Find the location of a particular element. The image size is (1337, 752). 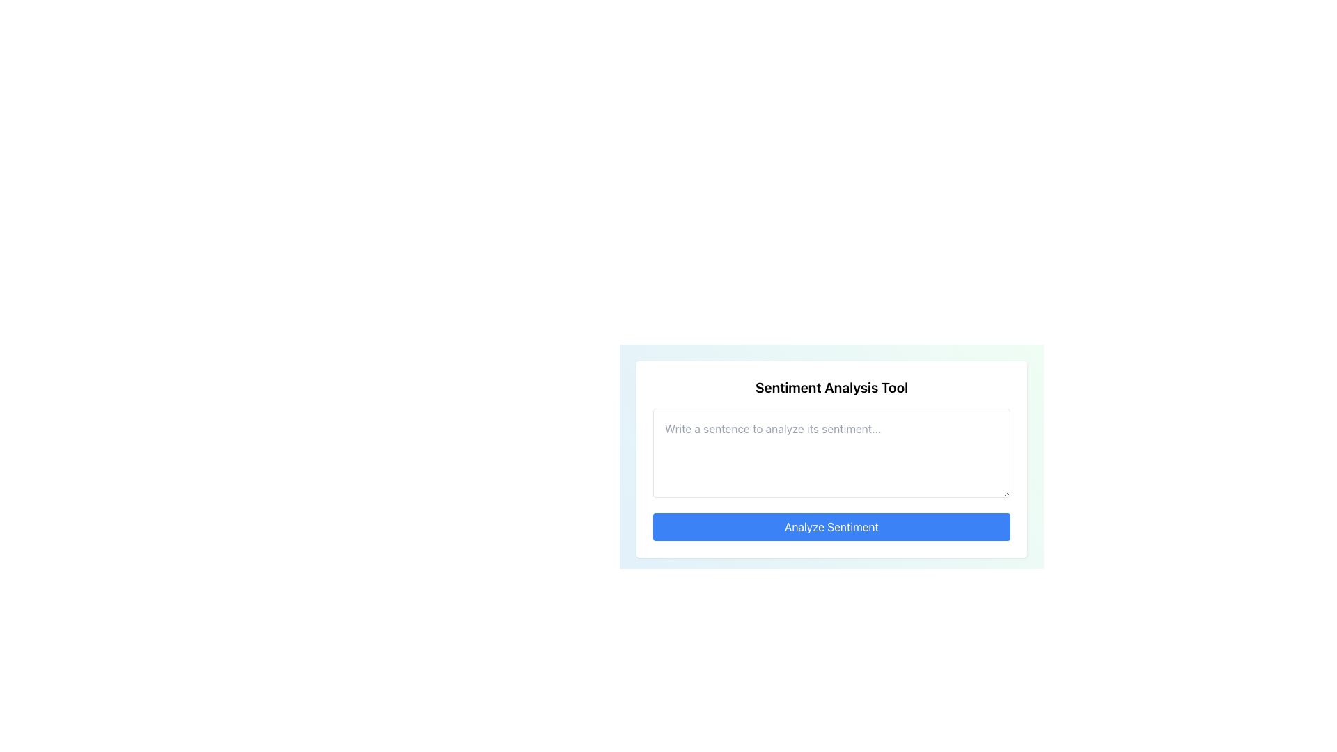

the third button located at the bottom of the sentiment analysis tool card is located at coordinates (831, 526).